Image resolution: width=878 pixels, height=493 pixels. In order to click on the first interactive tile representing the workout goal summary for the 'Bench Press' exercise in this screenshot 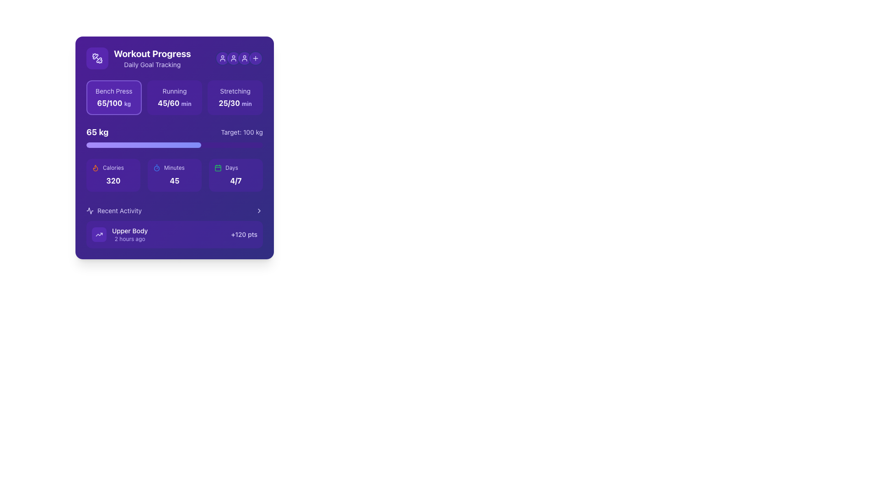, I will do `click(113, 97)`.